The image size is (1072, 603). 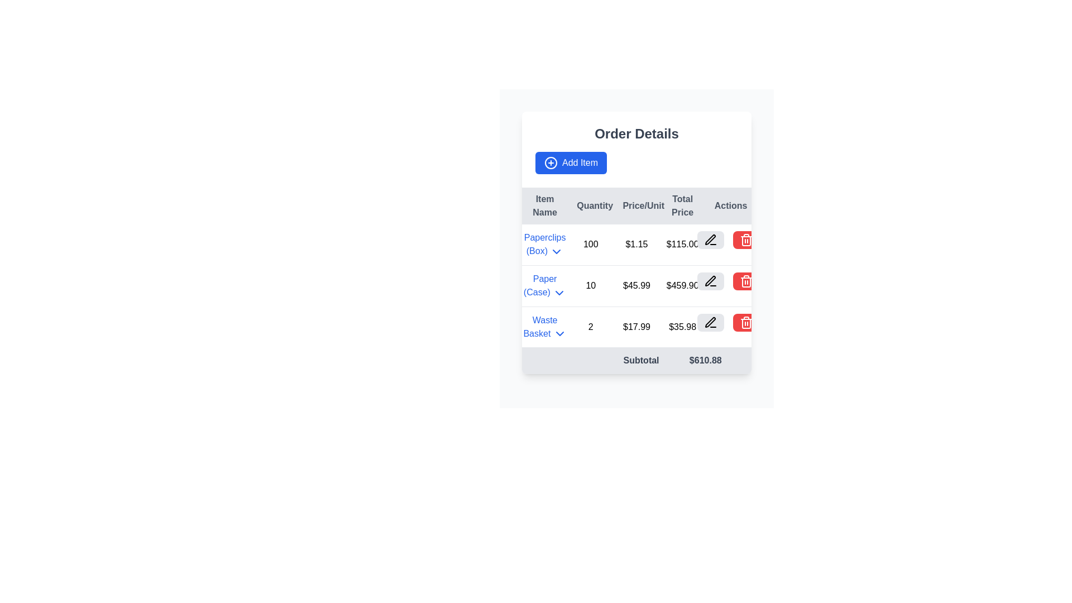 What do you see at coordinates (746, 239) in the screenshot?
I see `the 'delete' button in the 'Actions' column of the third row adjacent to the 'Waste Basket' item` at bounding box center [746, 239].